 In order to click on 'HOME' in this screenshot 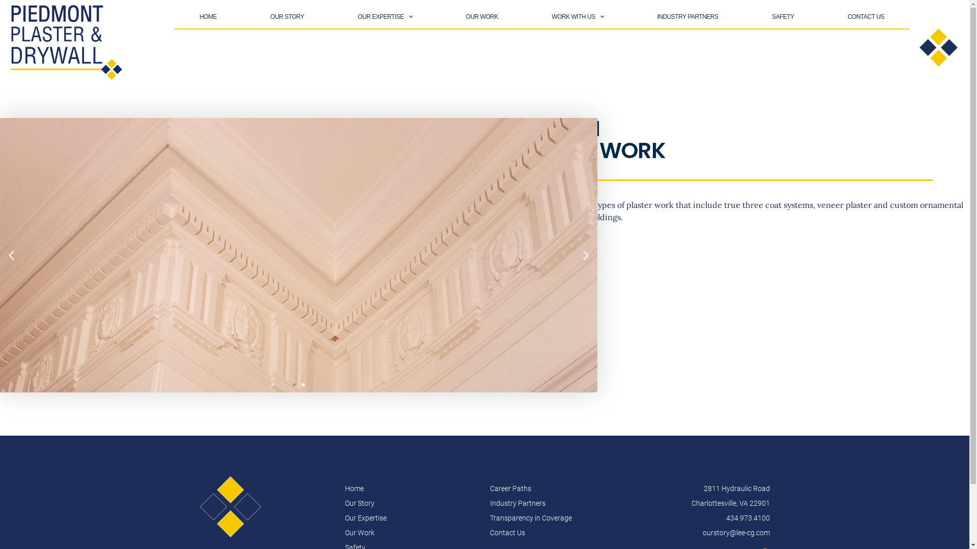, I will do `click(207, 17)`.